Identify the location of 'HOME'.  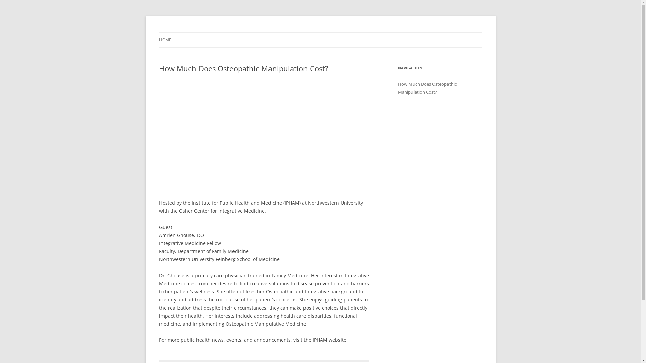
(158, 40).